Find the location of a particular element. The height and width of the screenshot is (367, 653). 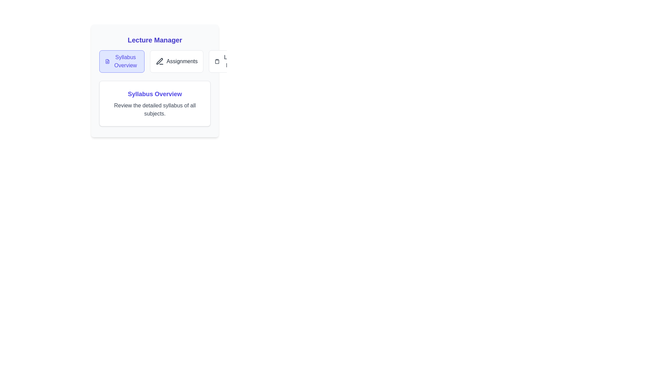

the Informative Section that provides an overview of the syllabus for all subjects, located below the title 'Lecture Manager' is located at coordinates (154, 81).